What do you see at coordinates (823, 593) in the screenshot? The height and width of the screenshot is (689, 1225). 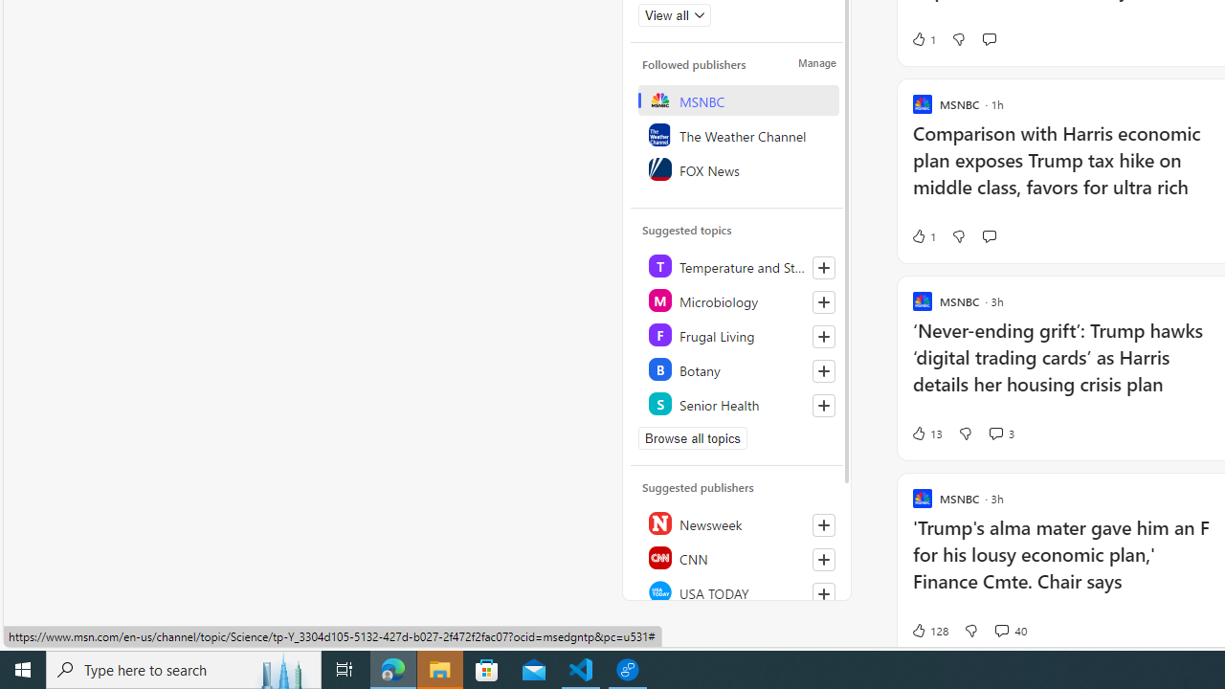 I see `'Follow this source'` at bounding box center [823, 593].